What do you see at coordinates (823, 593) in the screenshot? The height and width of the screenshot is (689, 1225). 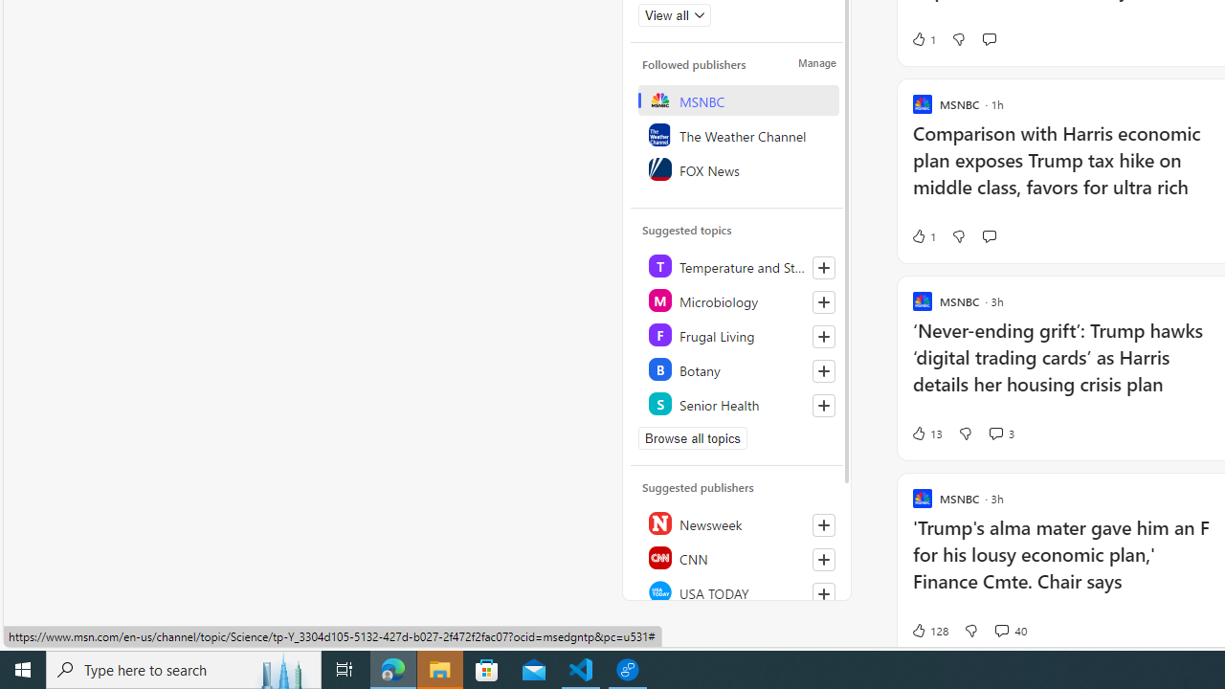 I see `'Follow this source'` at bounding box center [823, 593].